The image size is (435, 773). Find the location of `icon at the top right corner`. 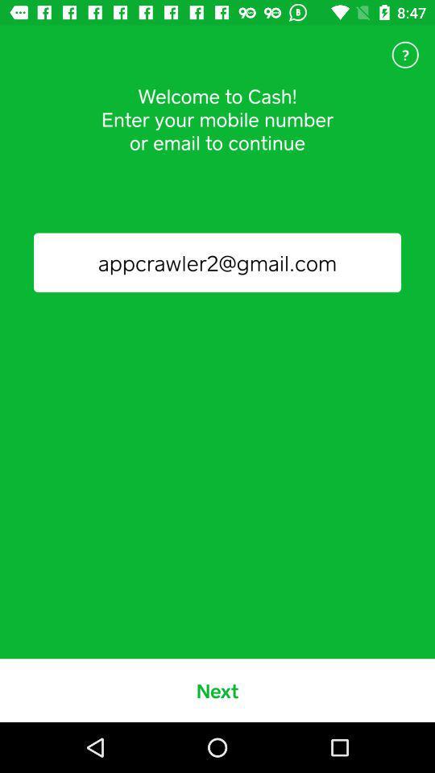

icon at the top right corner is located at coordinates (404, 55).